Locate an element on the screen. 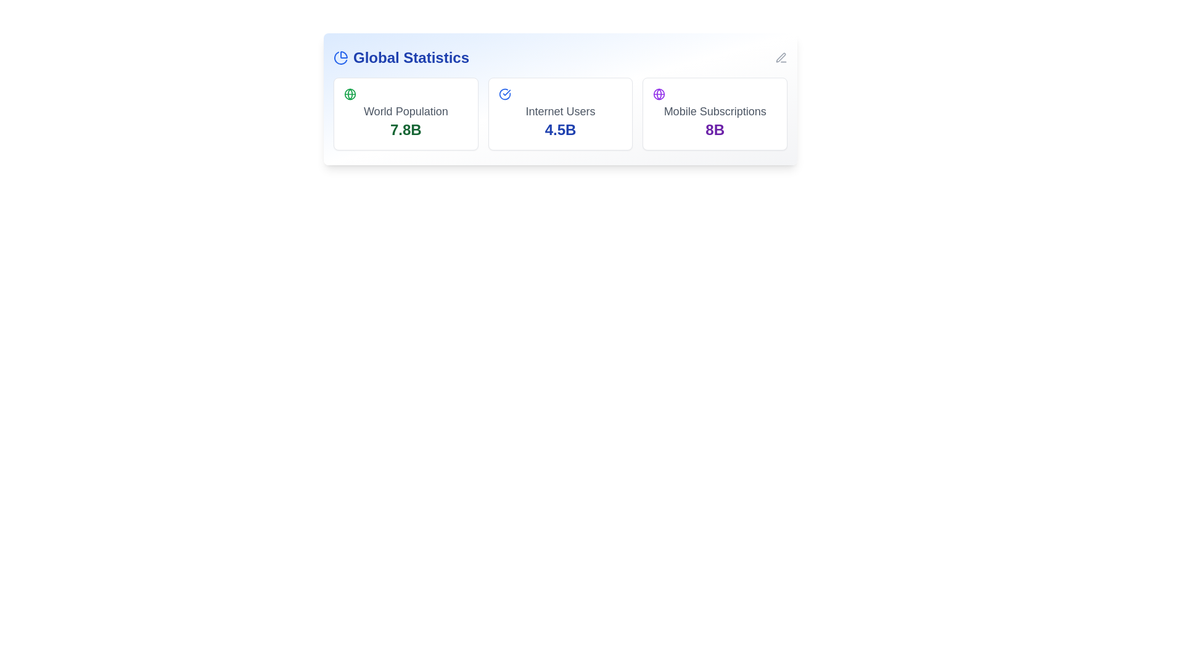 The width and height of the screenshot is (1184, 666). the 'World Population' display card element is located at coordinates (406, 114).